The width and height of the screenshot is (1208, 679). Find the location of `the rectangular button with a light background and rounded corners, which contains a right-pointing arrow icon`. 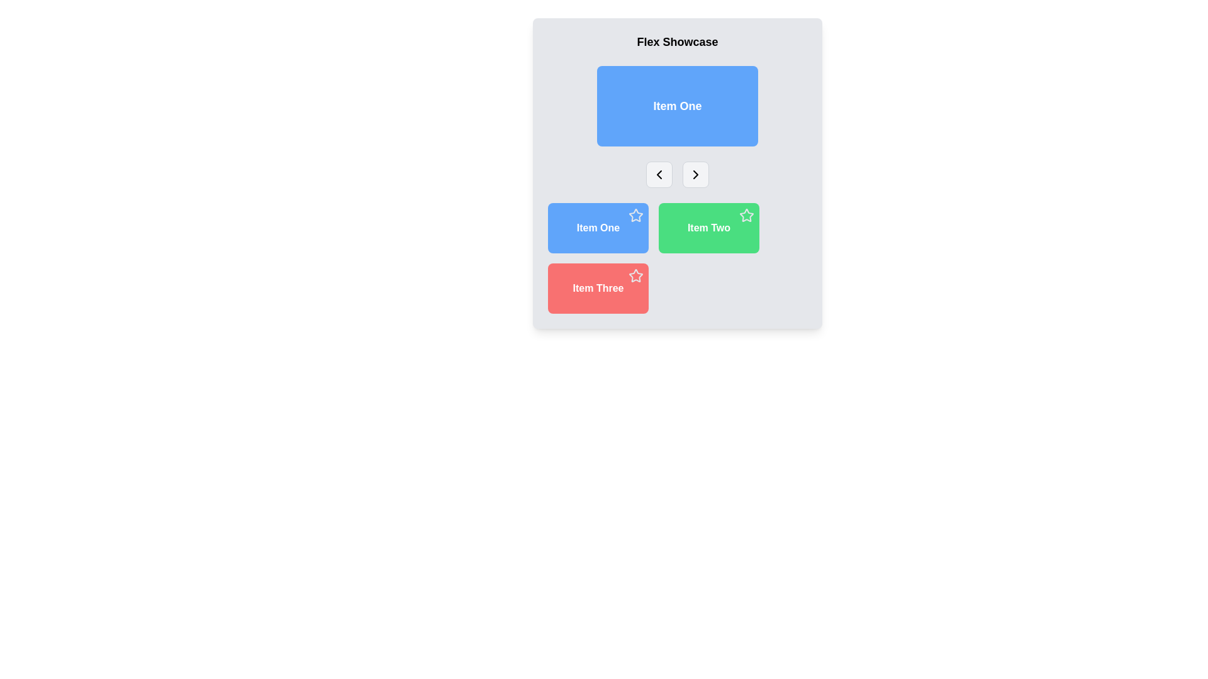

the rectangular button with a light background and rounded corners, which contains a right-pointing arrow icon is located at coordinates (695, 174).